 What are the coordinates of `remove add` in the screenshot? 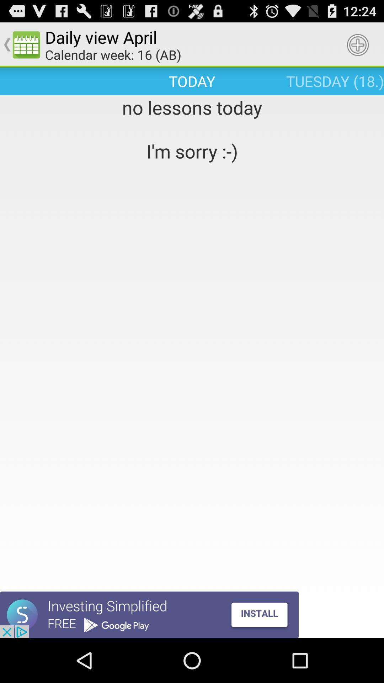 It's located at (149, 614).